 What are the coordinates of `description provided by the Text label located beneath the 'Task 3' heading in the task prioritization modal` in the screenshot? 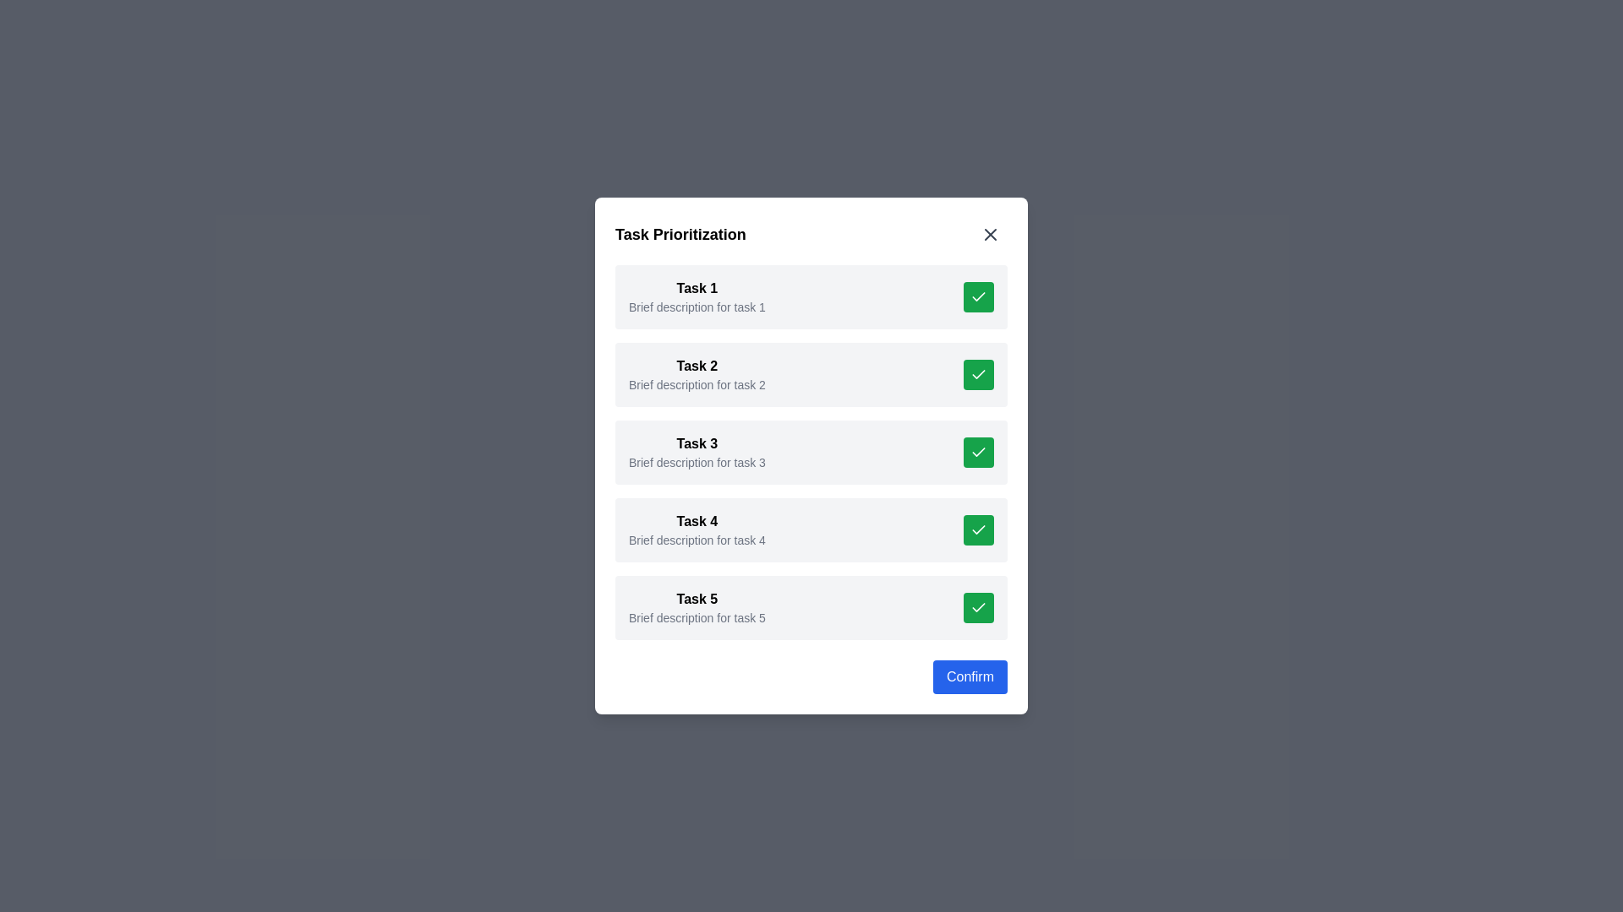 It's located at (697, 462).